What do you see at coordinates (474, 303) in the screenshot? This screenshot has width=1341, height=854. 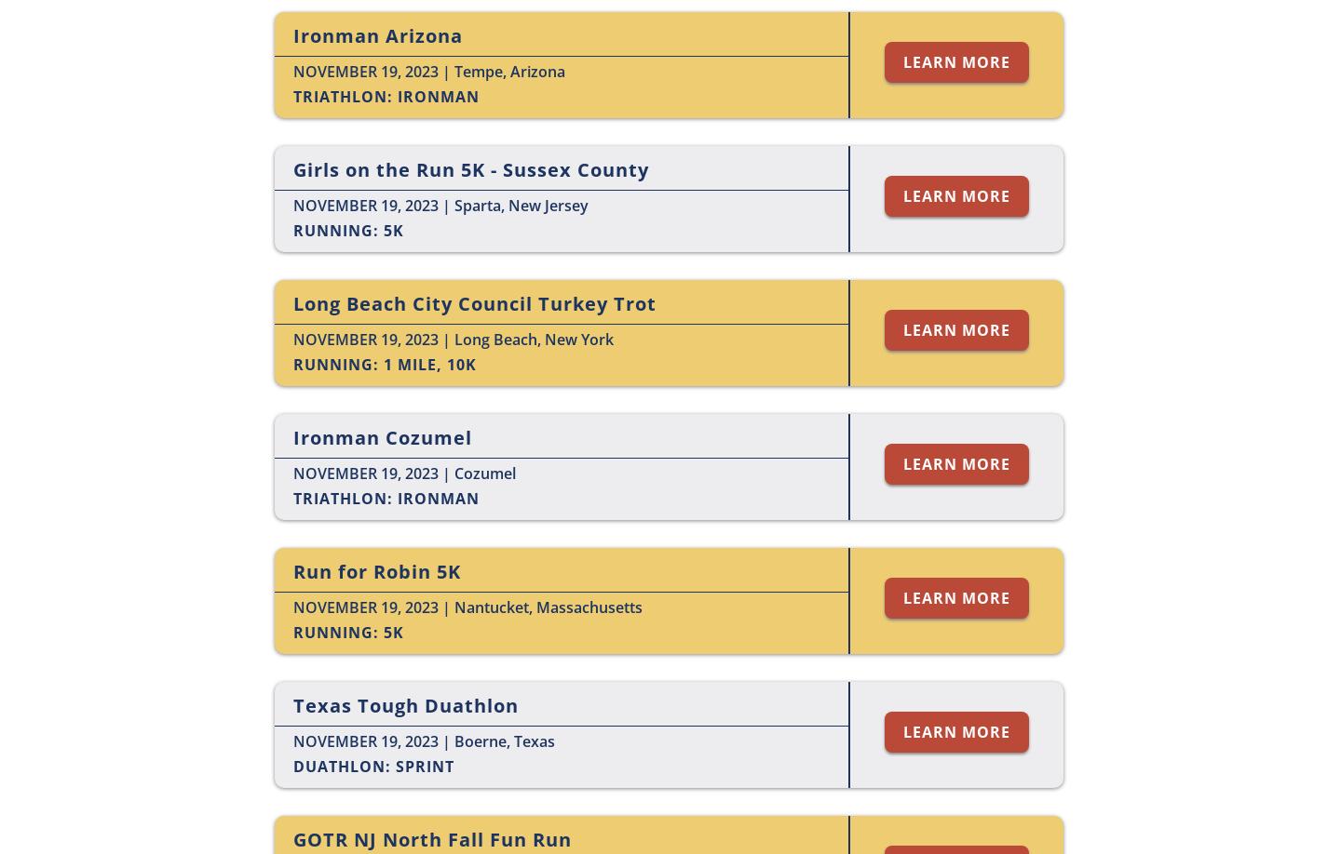 I see `'Long Beach City Council Turkey Trot'` at bounding box center [474, 303].